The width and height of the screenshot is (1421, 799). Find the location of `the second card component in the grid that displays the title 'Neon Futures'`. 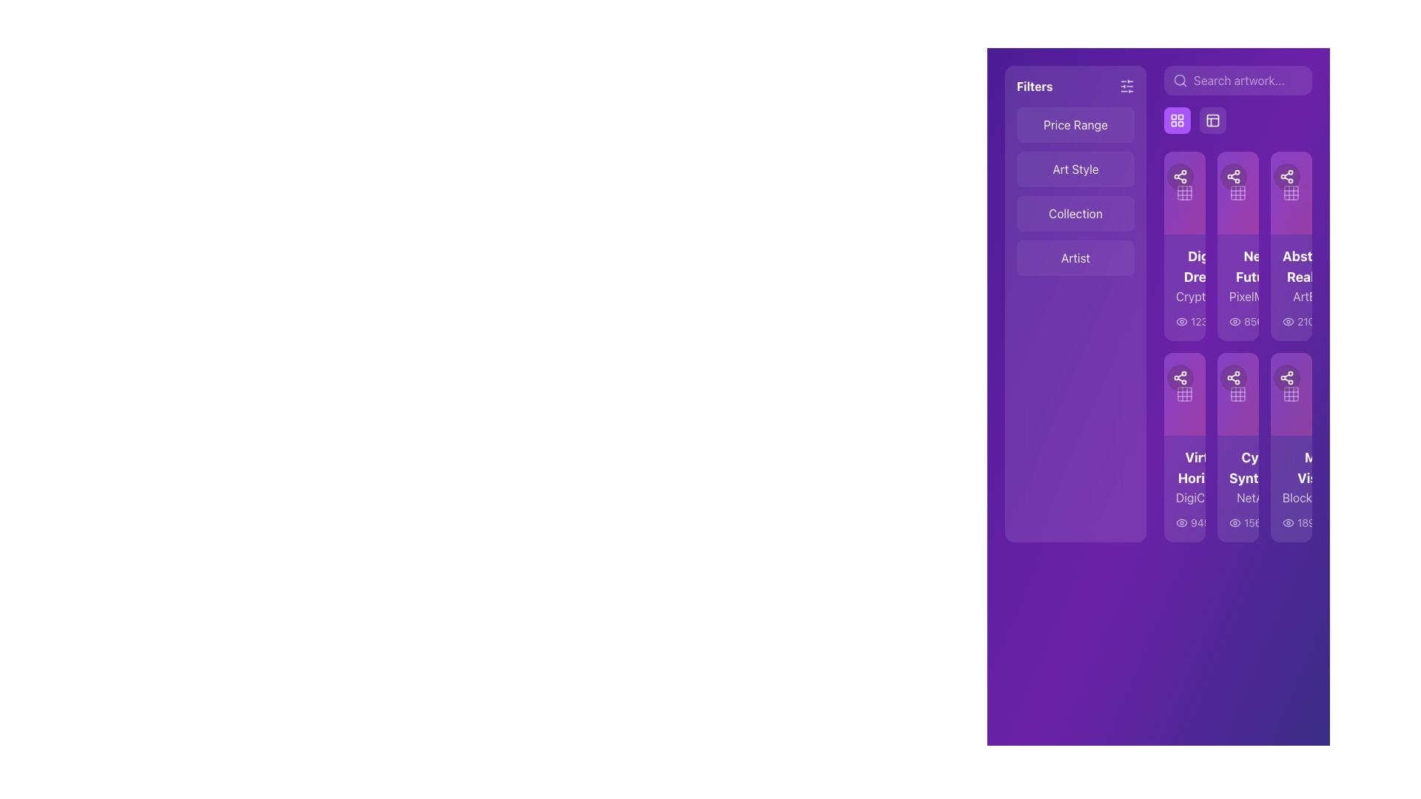

the second card component in the grid that displays the title 'Neon Futures' is located at coordinates (1238, 245).